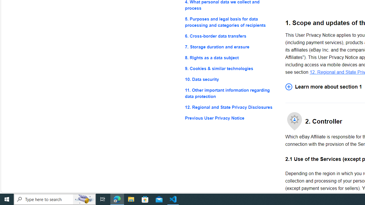 This screenshot has height=205, width=365. I want to click on '9. Cookies & similar technologies', so click(230, 68).